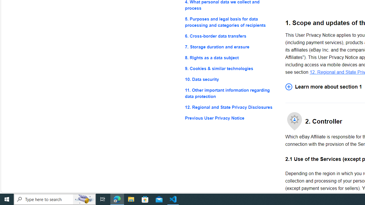 This screenshot has height=205, width=365. I want to click on '9. Cookies & similar technologies', so click(230, 68).